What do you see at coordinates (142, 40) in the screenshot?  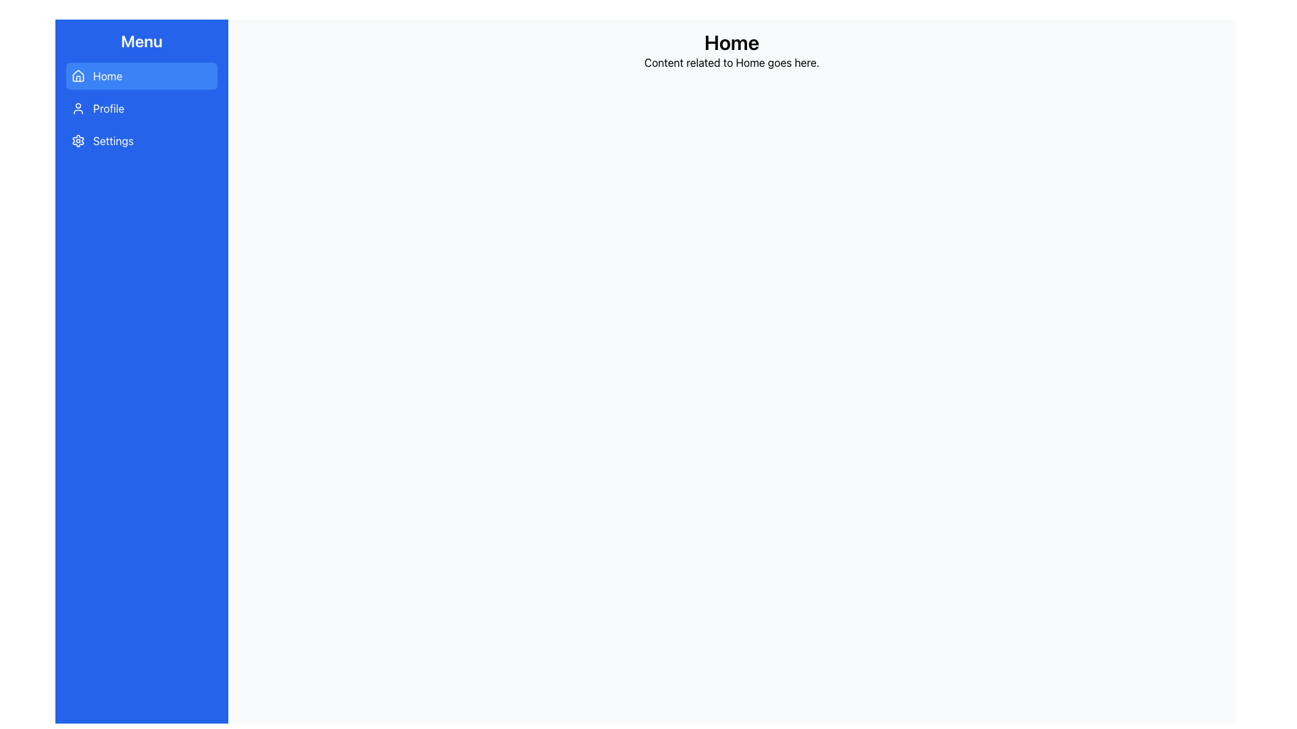 I see `the static text label at the top left of the blue sidebar, which indicates the purpose of the section` at bounding box center [142, 40].